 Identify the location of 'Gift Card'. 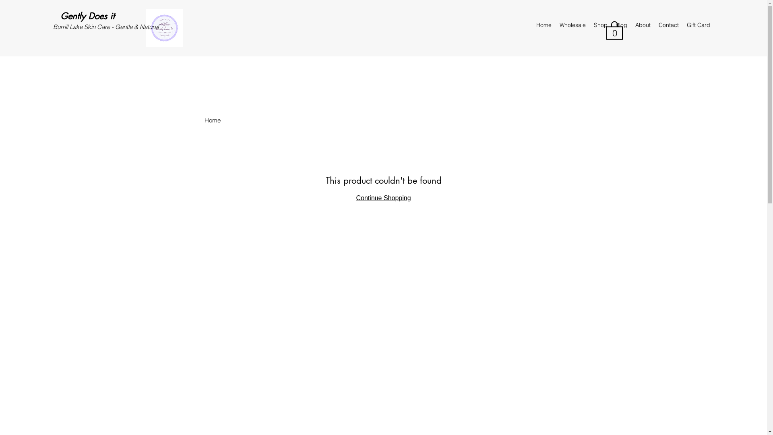
(682, 24).